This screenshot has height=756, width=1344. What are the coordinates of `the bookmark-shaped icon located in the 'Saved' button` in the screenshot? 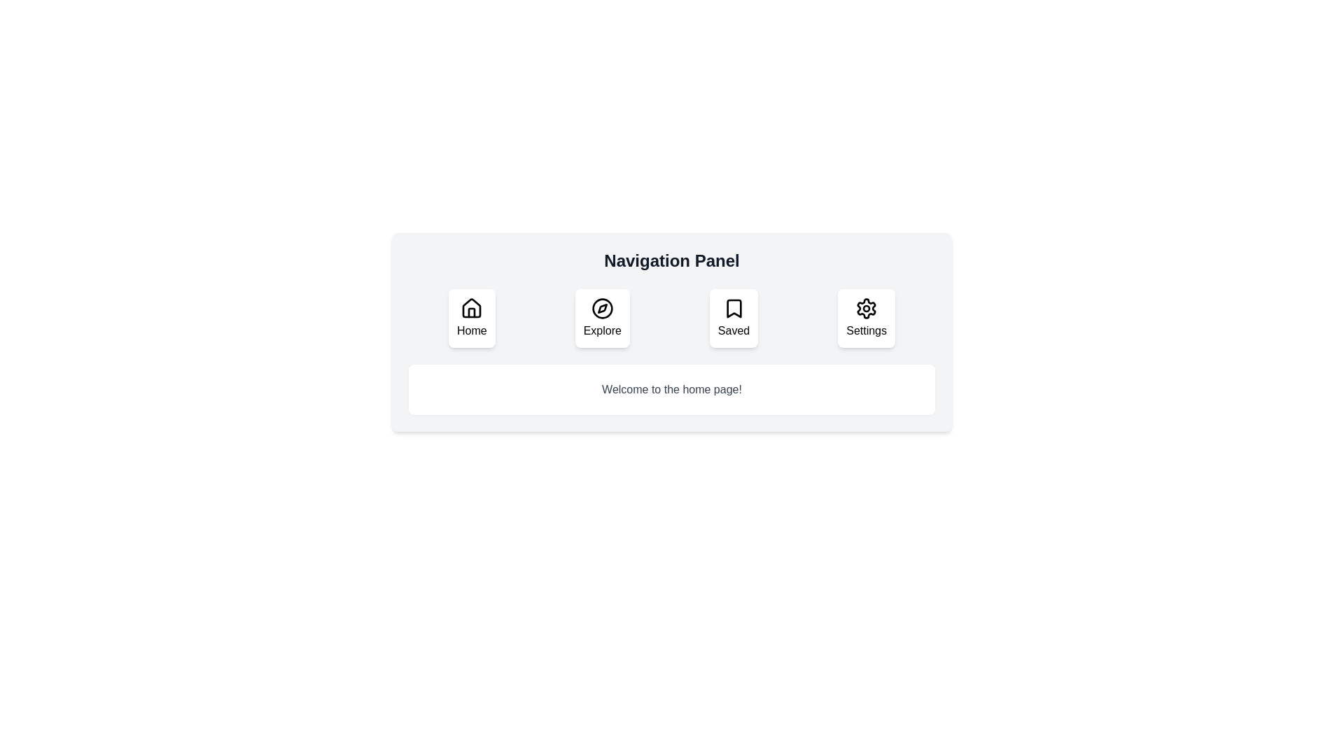 It's located at (733, 307).